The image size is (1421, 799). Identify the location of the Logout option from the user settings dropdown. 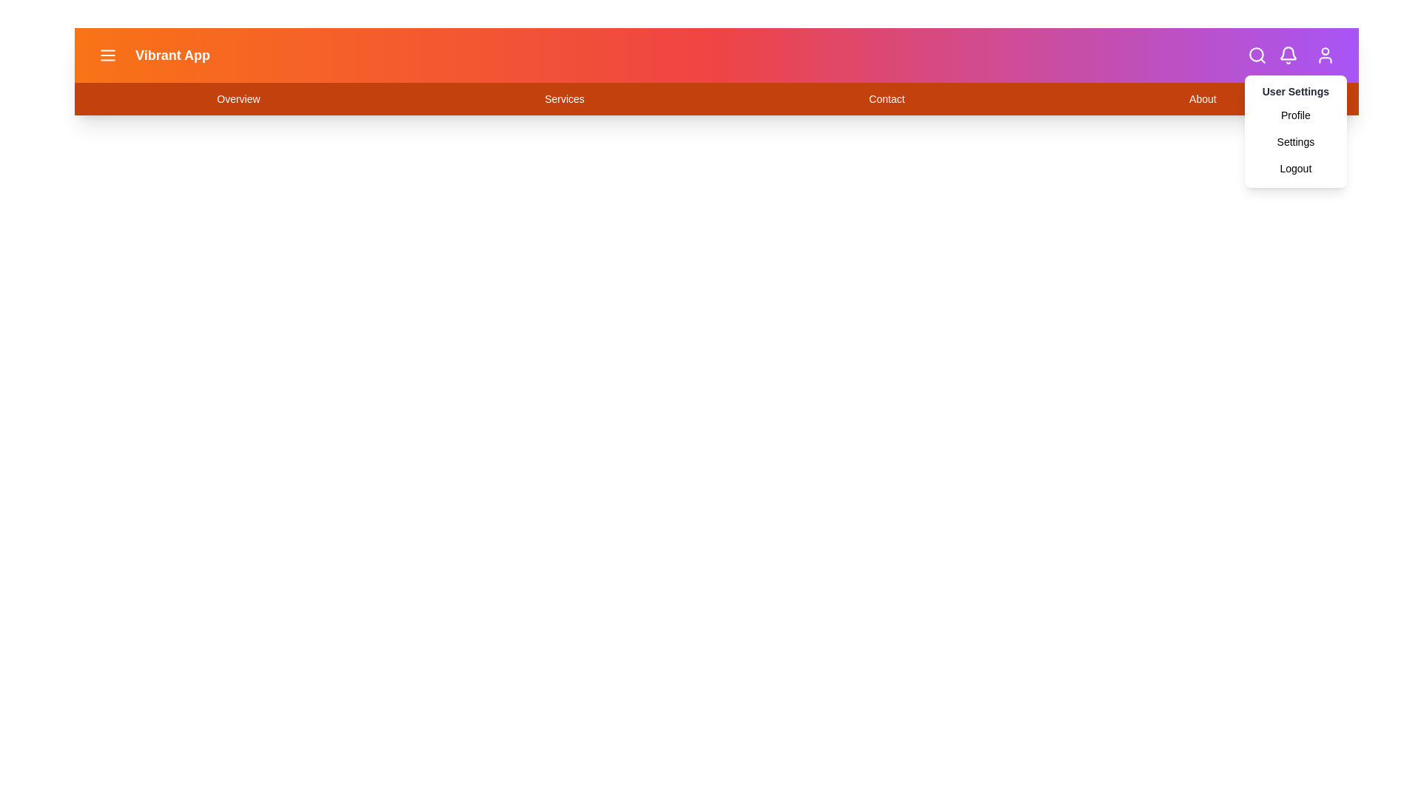
(1294, 167).